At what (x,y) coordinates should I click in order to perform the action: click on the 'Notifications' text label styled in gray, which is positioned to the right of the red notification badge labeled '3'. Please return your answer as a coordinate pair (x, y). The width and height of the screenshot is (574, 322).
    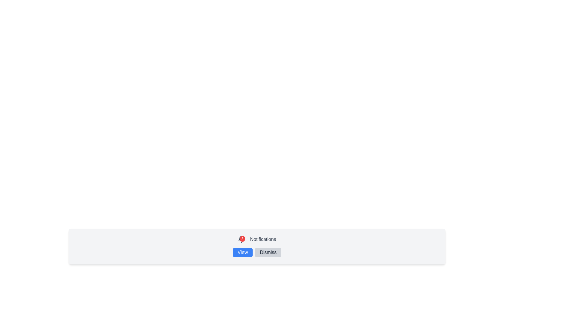
    Looking at the image, I should click on (263, 239).